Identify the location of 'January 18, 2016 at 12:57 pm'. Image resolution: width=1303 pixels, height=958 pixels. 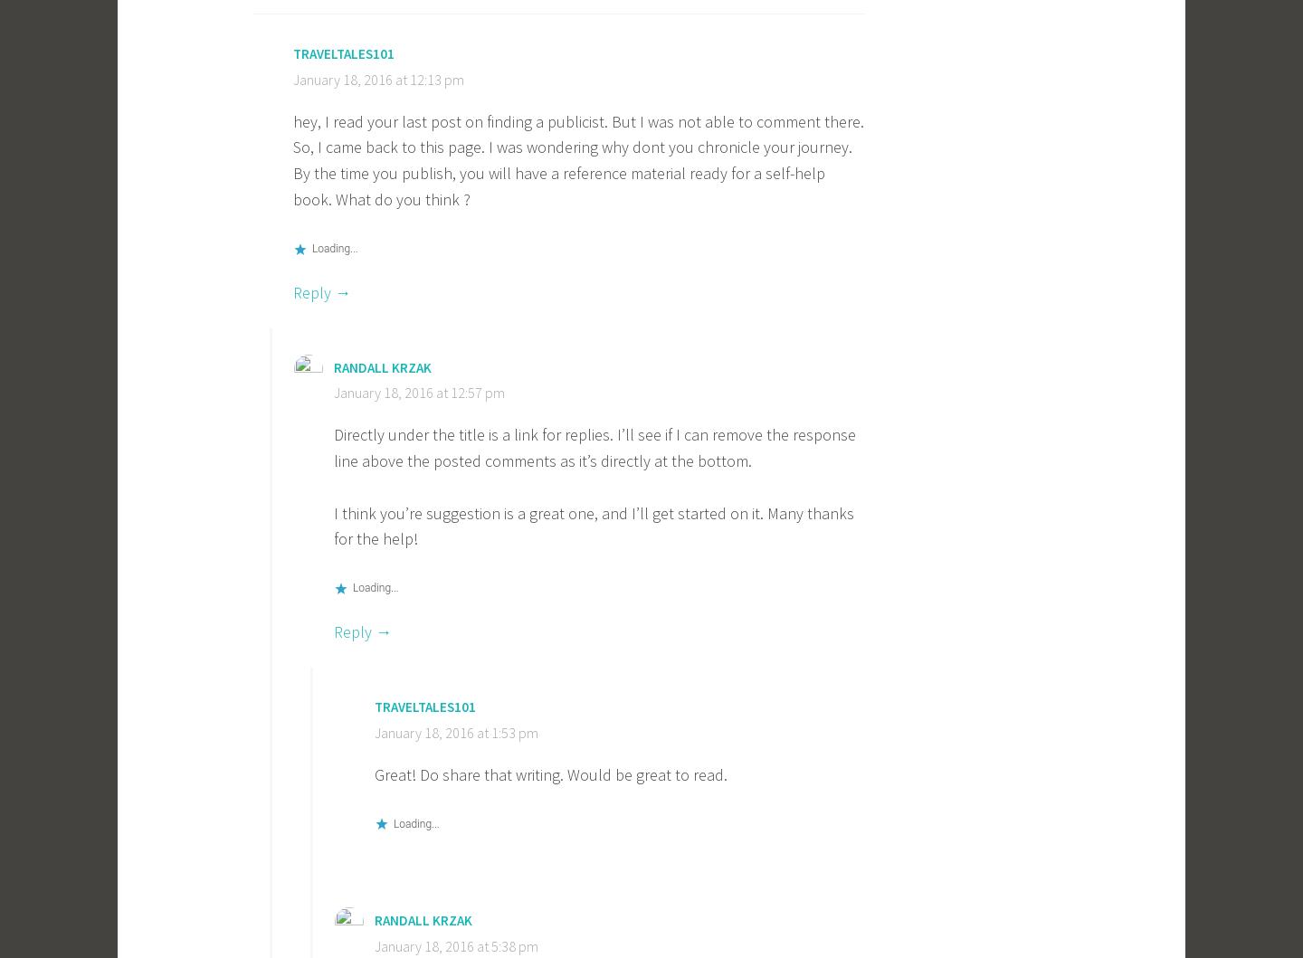
(419, 392).